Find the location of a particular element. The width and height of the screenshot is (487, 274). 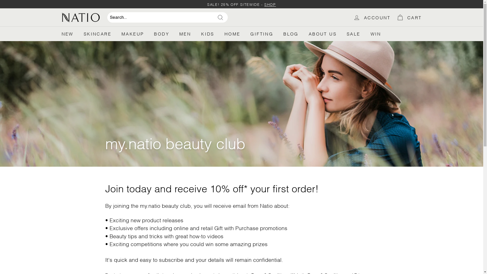

'BODY' is located at coordinates (148, 33).